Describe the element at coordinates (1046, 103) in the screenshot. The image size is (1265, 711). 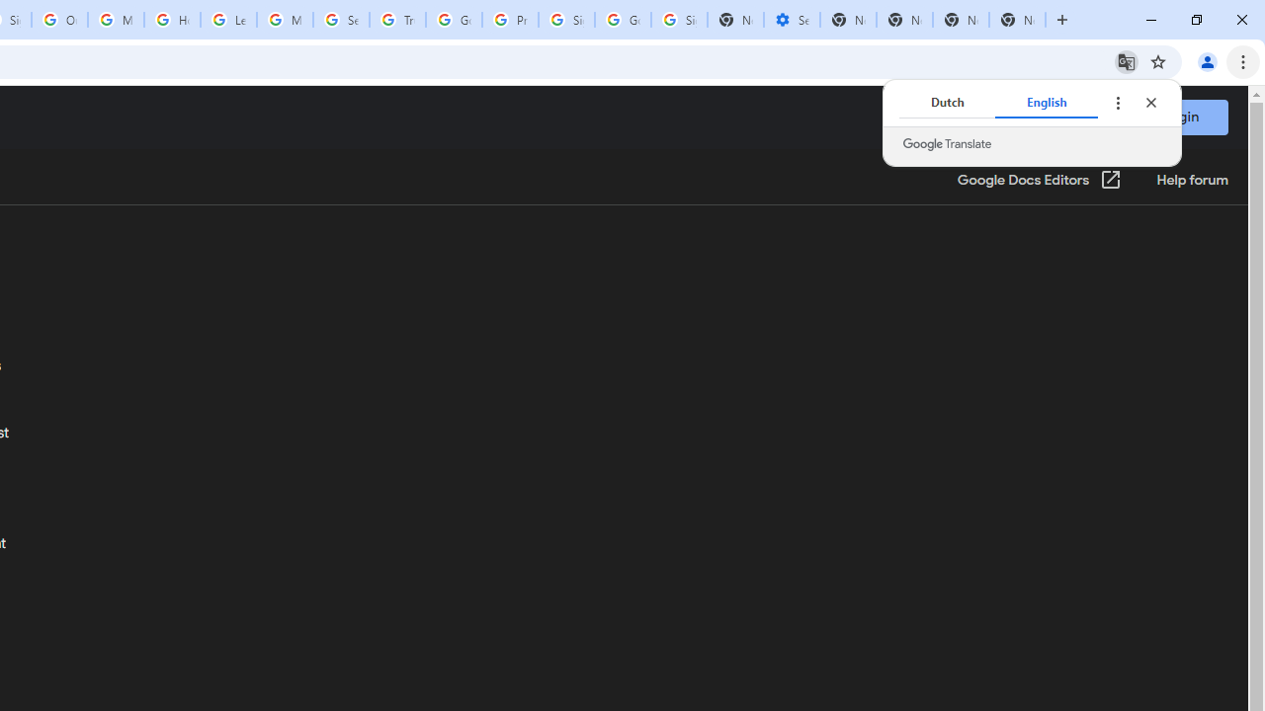
I see `'English'` at that location.